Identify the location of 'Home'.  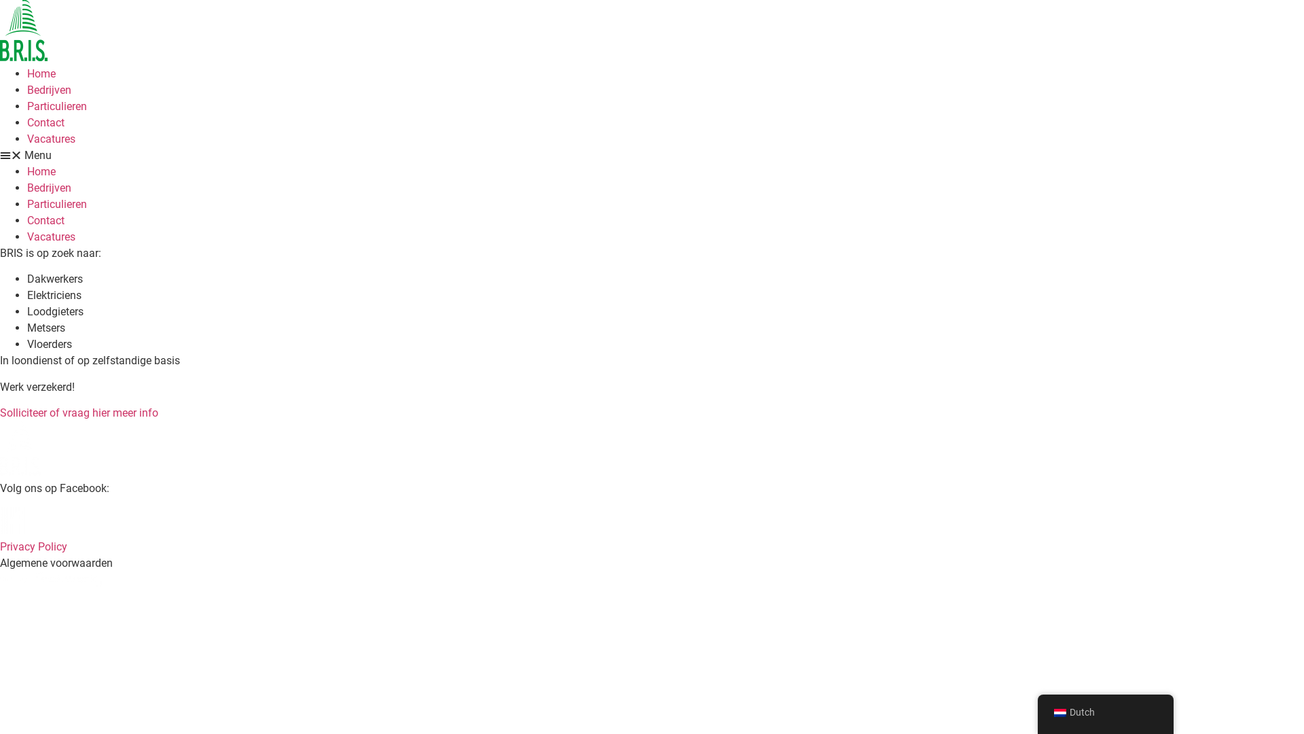
(26, 171).